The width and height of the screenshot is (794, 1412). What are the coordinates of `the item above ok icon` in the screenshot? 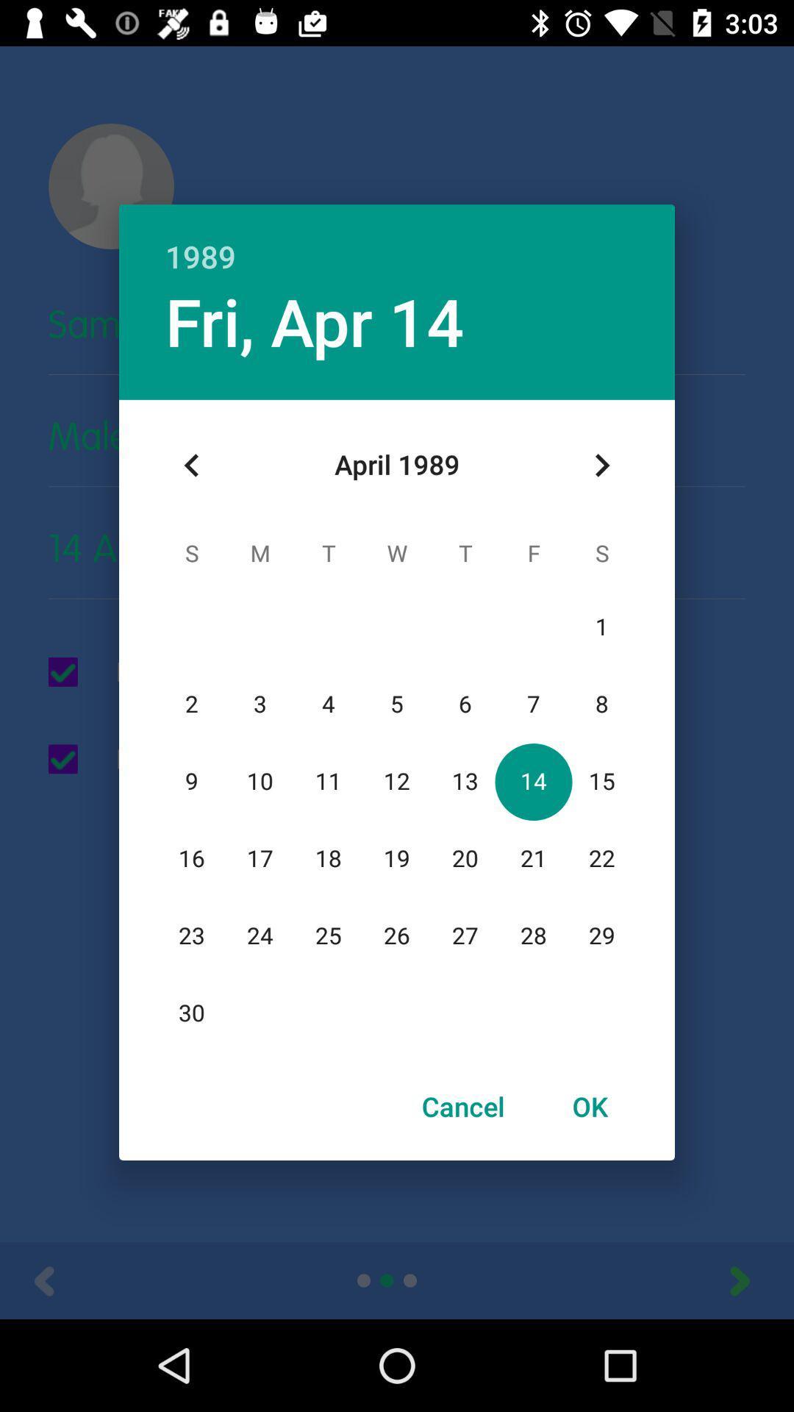 It's located at (601, 465).